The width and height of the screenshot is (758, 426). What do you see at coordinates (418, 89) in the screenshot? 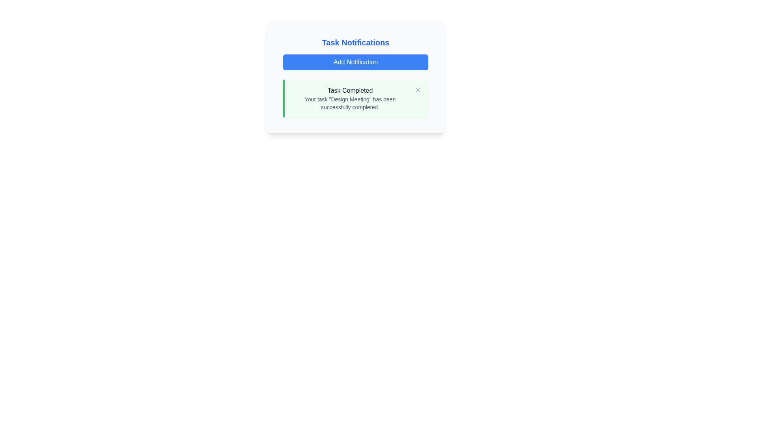
I see `the dismiss button (icon-based) for the task notification, which is located on the far right of the notification box, aligned vertically with the text 'Task Completed'` at bounding box center [418, 89].